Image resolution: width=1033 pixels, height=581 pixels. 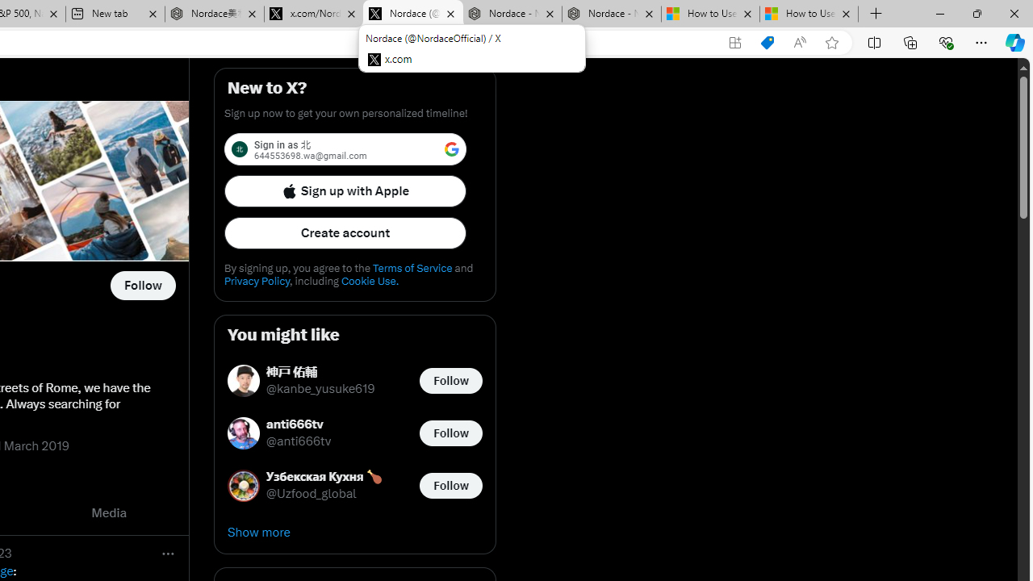 What do you see at coordinates (450, 380) in the screenshot?
I see `'Follow @kanbe_yusuke619'` at bounding box center [450, 380].